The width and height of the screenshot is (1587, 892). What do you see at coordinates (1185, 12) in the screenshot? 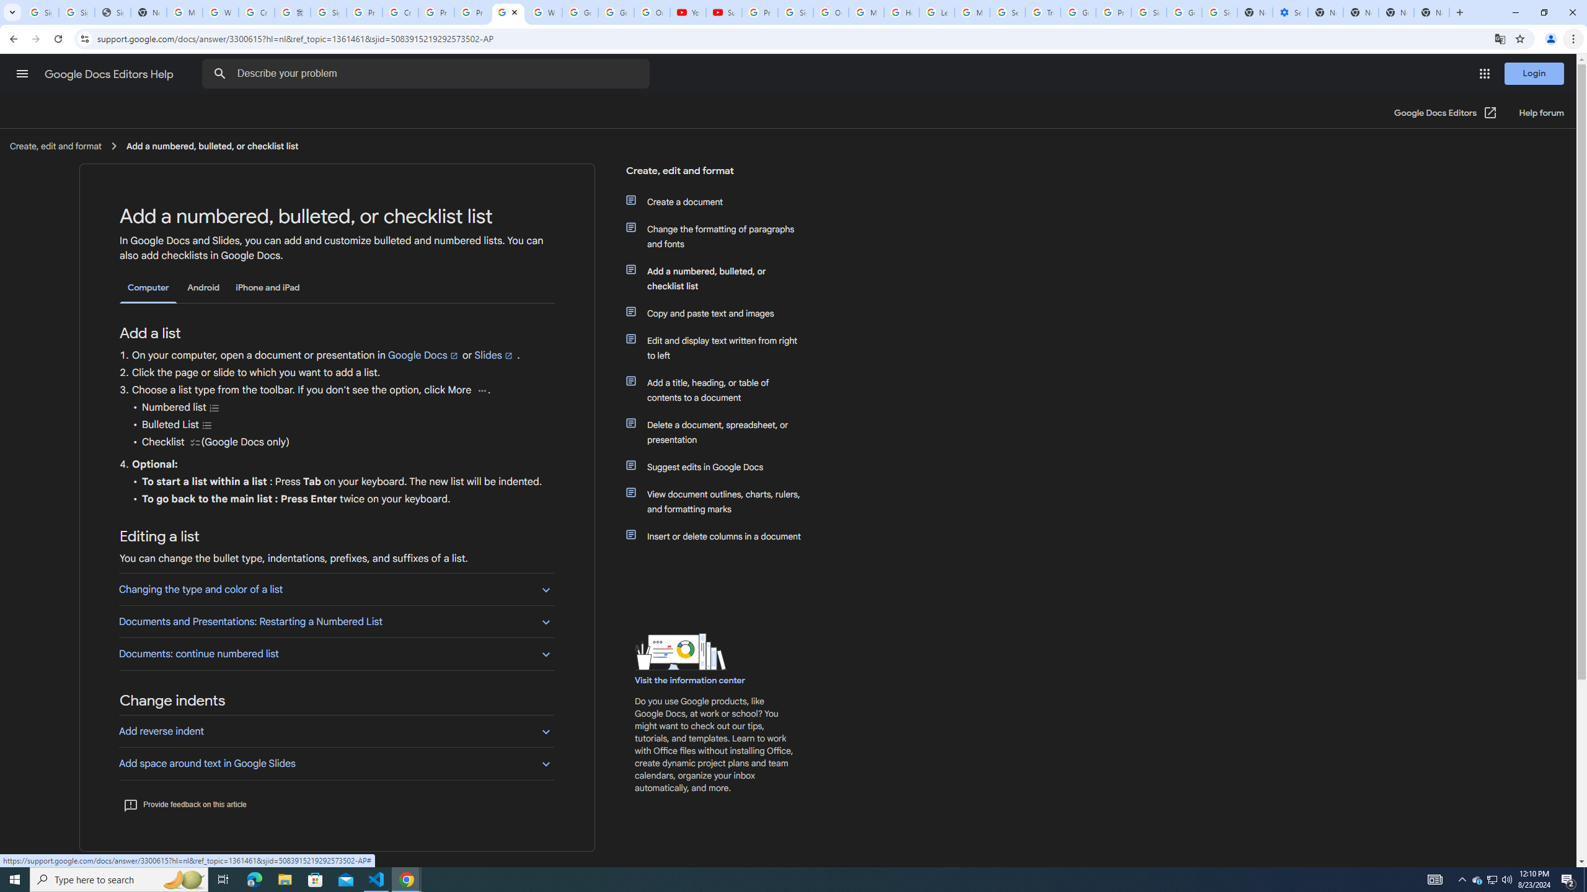
I see `'Google Cybersecurity Innovations - Google Safety Center'` at bounding box center [1185, 12].